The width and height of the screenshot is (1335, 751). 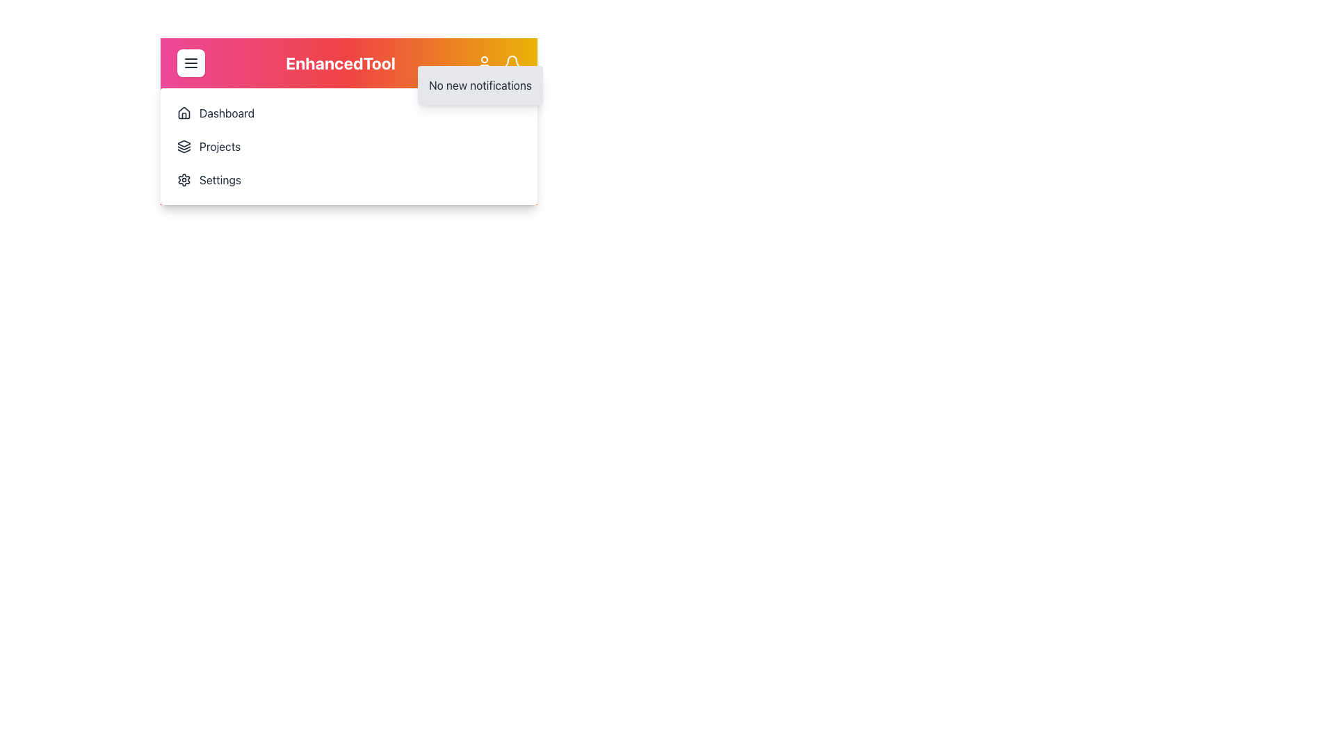 I want to click on the bell-shaped notification icon located on the rightmost section of the top navigation bar, so click(x=512, y=63).